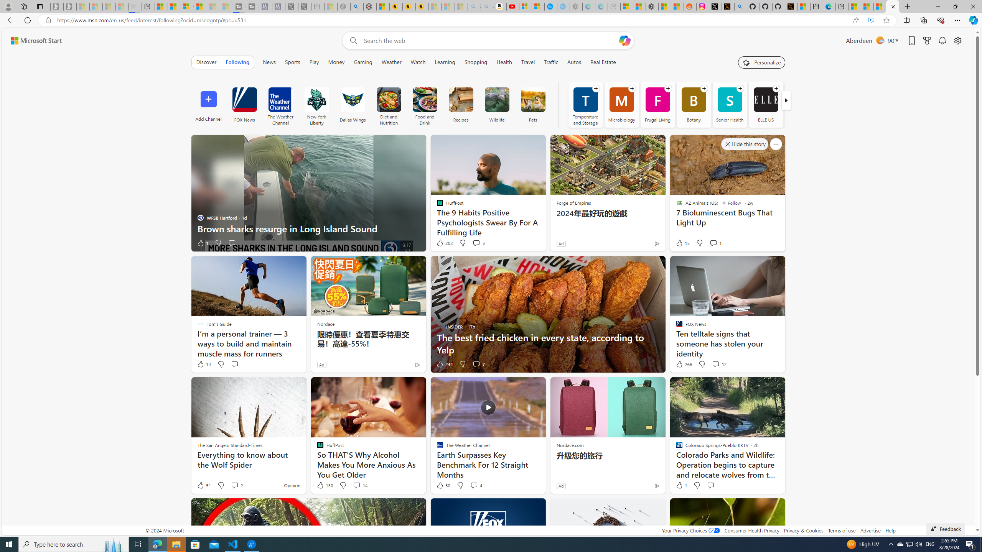 The image size is (982, 552). I want to click on 'Food and Drink', so click(424, 104).